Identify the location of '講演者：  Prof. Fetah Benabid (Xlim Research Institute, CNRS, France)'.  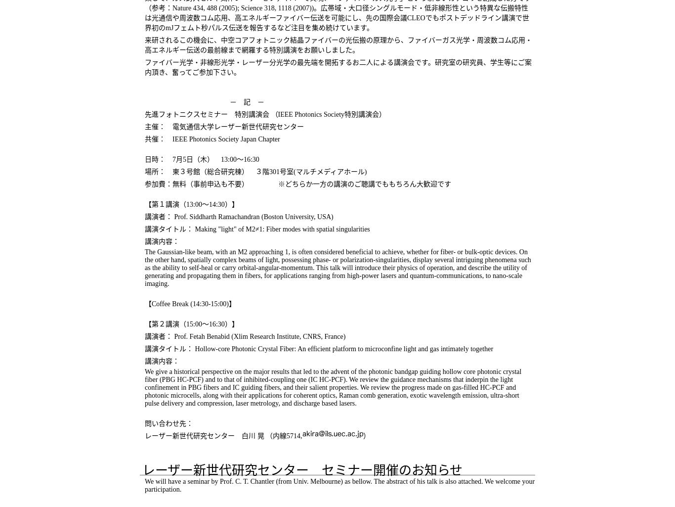
(245, 336).